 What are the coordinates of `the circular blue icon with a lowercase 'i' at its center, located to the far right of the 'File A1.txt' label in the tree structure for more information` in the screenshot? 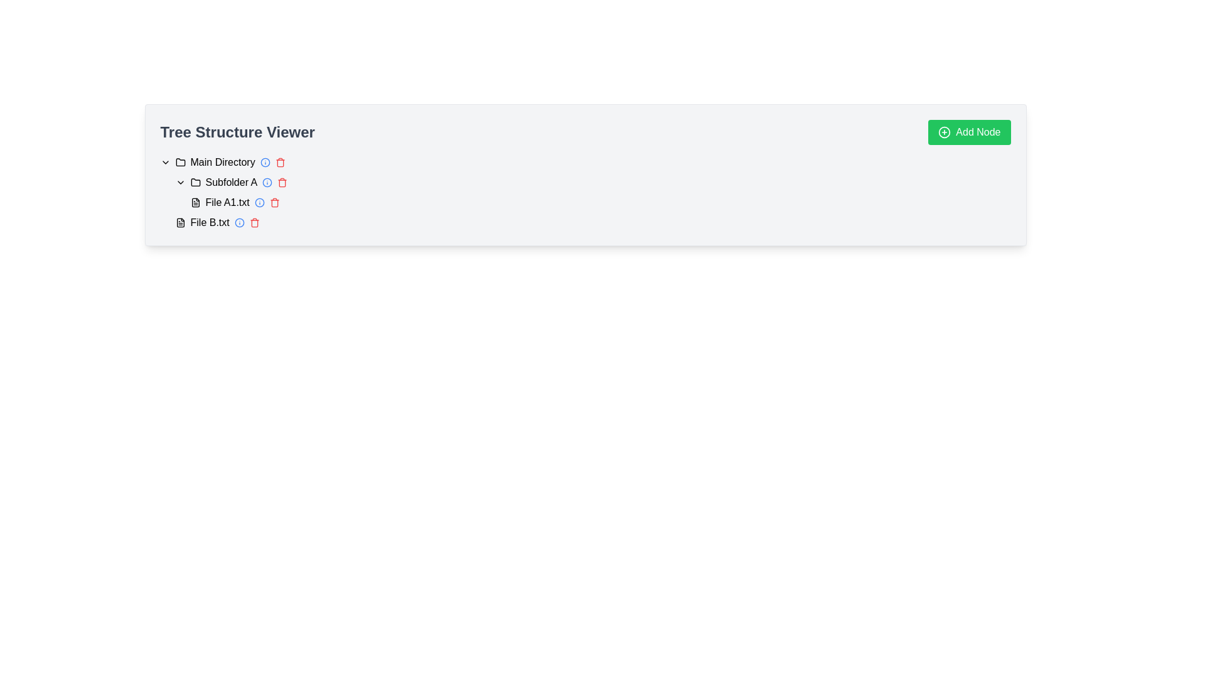 It's located at (259, 202).